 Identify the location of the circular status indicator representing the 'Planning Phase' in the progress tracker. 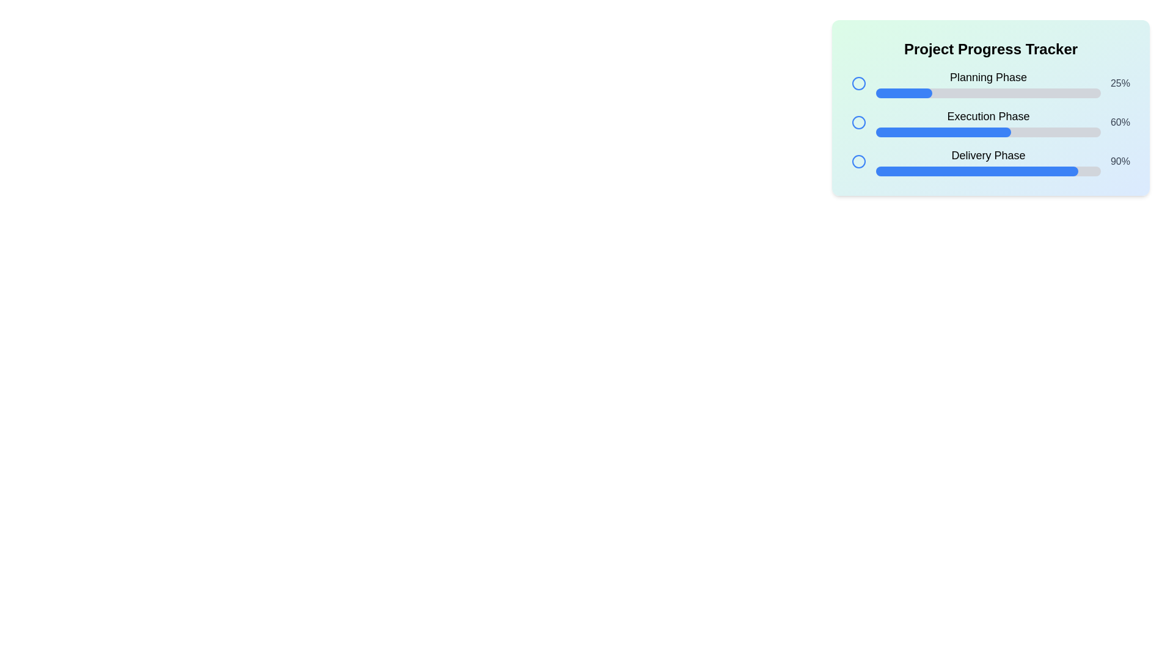
(858, 83).